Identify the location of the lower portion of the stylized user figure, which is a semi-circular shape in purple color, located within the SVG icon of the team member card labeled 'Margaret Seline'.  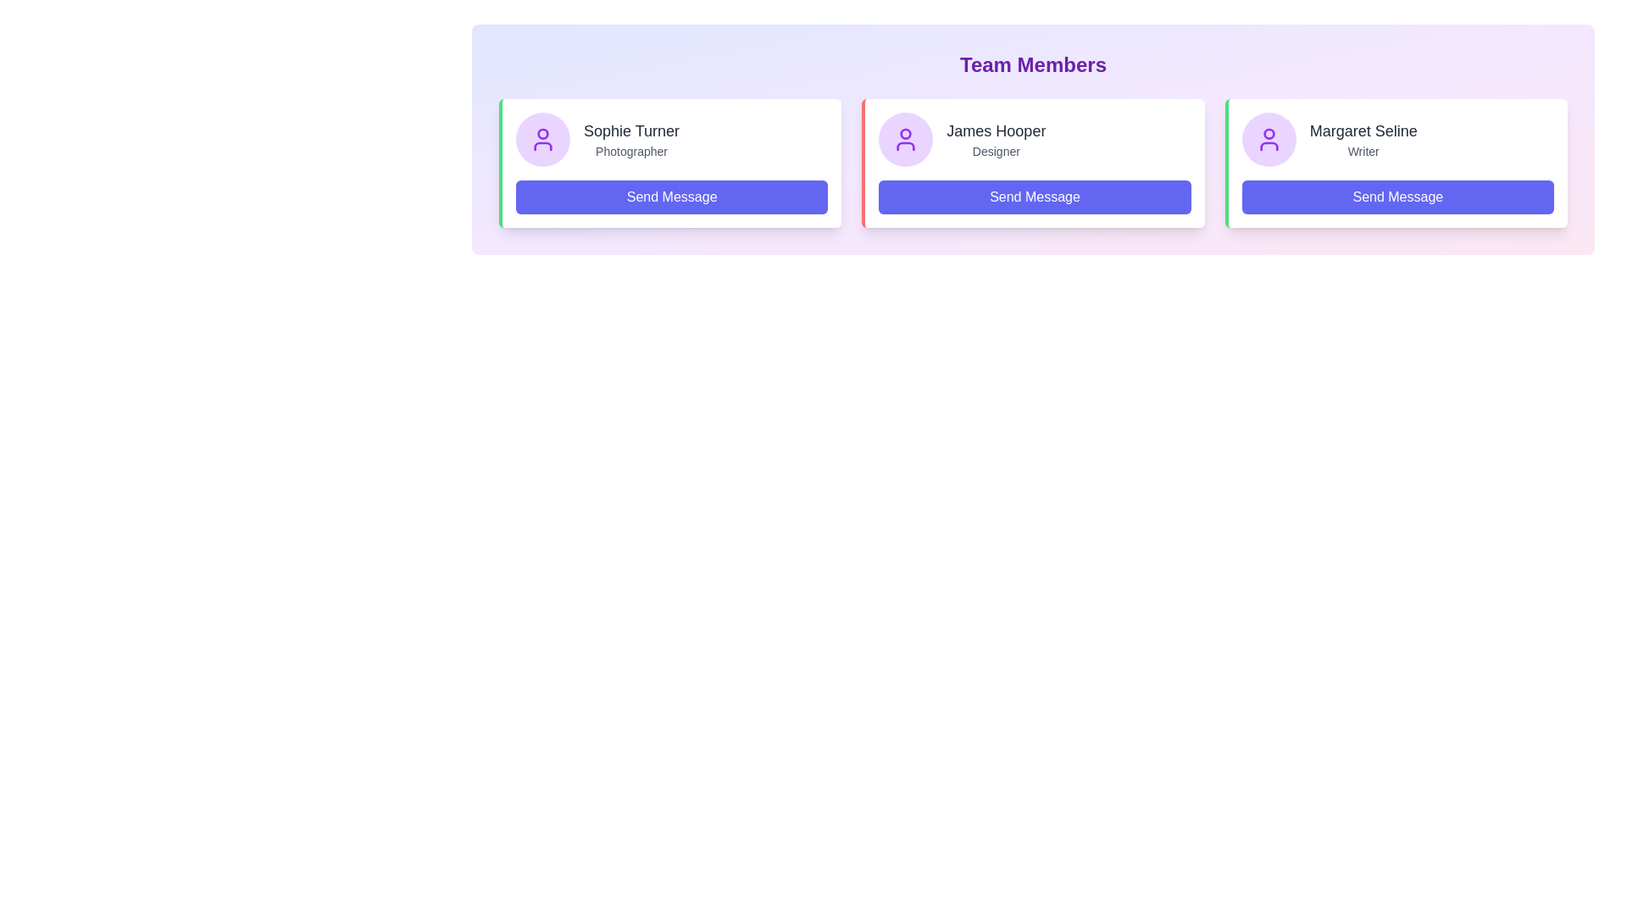
(1269, 146).